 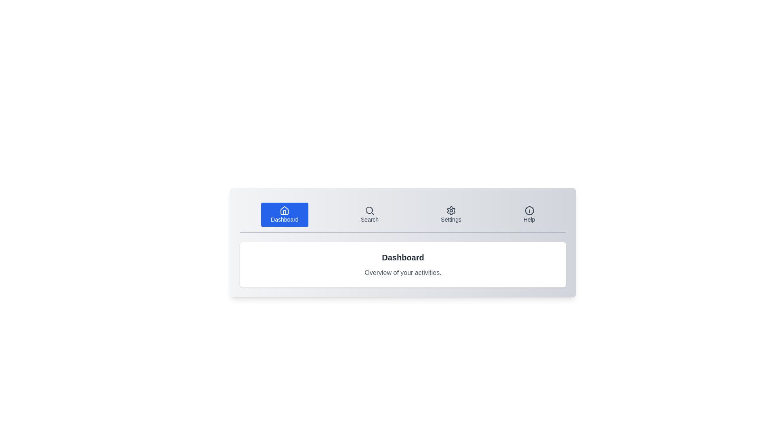 I want to click on the Dashboard tab by clicking its corresponding button, so click(x=285, y=214).